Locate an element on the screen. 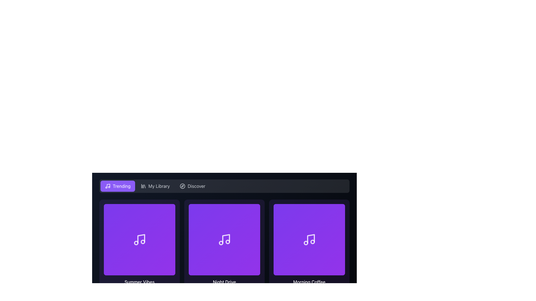 This screenshot has width=536, height=301. the 'My Library' icon located in the navigation bar at the top of the interface is located at coordinates (143, 186).